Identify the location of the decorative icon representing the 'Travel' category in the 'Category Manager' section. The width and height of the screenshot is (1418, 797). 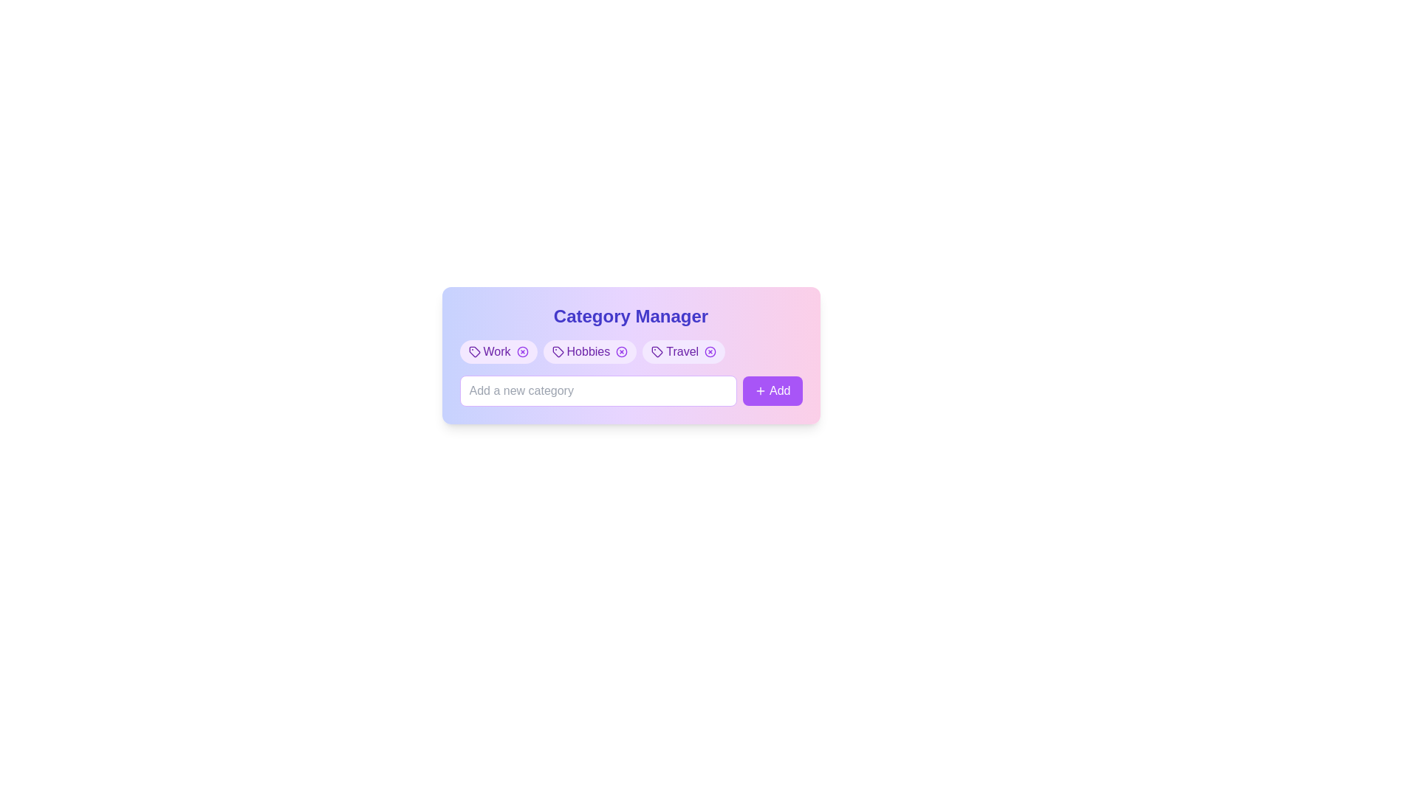
(657, 352).